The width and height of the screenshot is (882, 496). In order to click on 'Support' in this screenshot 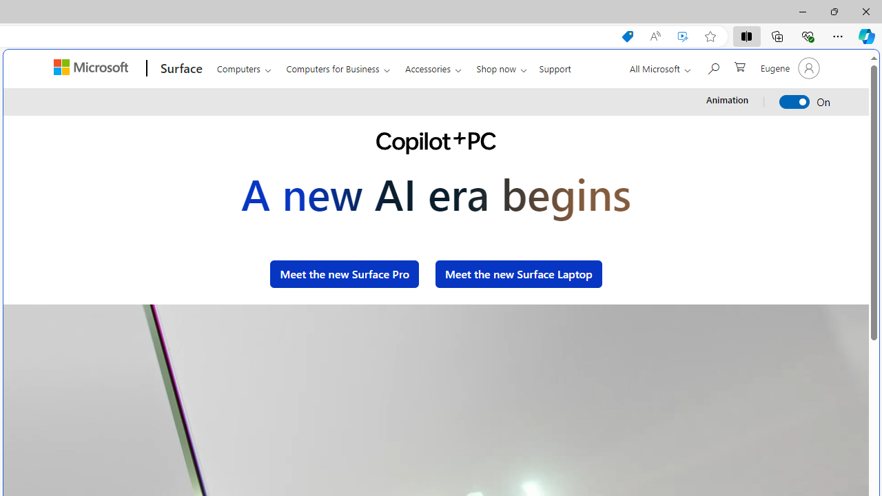, I will do `click(555, 66)`.